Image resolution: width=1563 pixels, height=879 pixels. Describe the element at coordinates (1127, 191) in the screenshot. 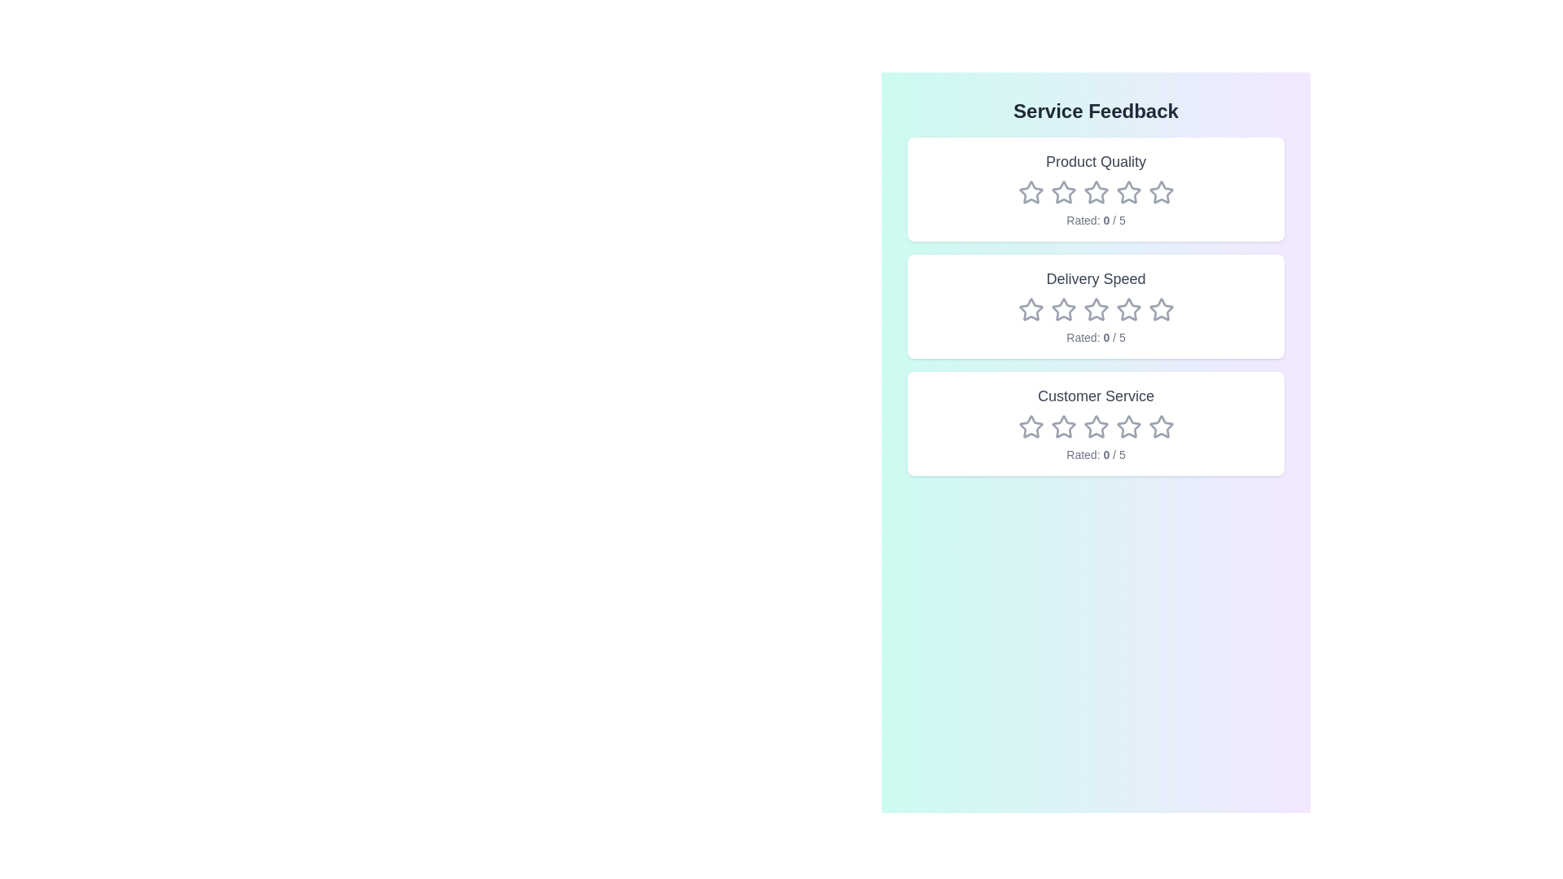

I see `the star icon for 4 stars in the 'Product Quality' section` at that location.